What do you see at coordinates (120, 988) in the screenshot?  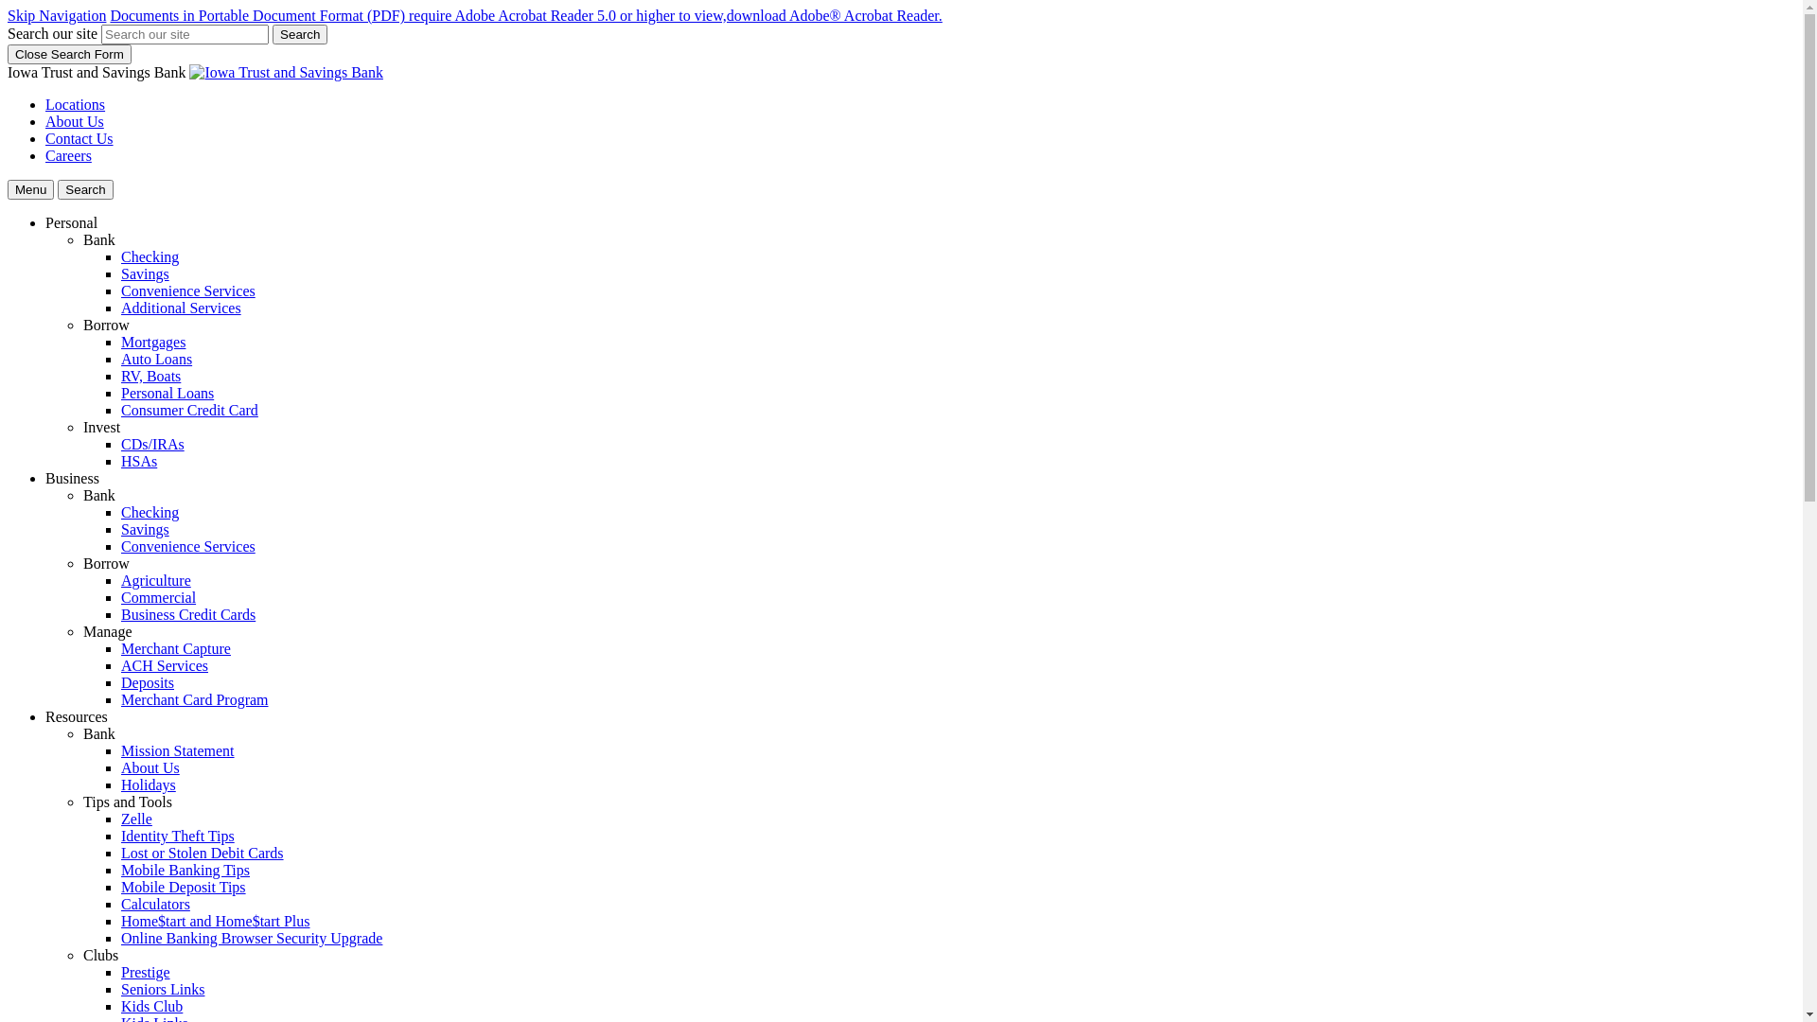 I see `'Seniors Links'` at bounding box center [120, 988].